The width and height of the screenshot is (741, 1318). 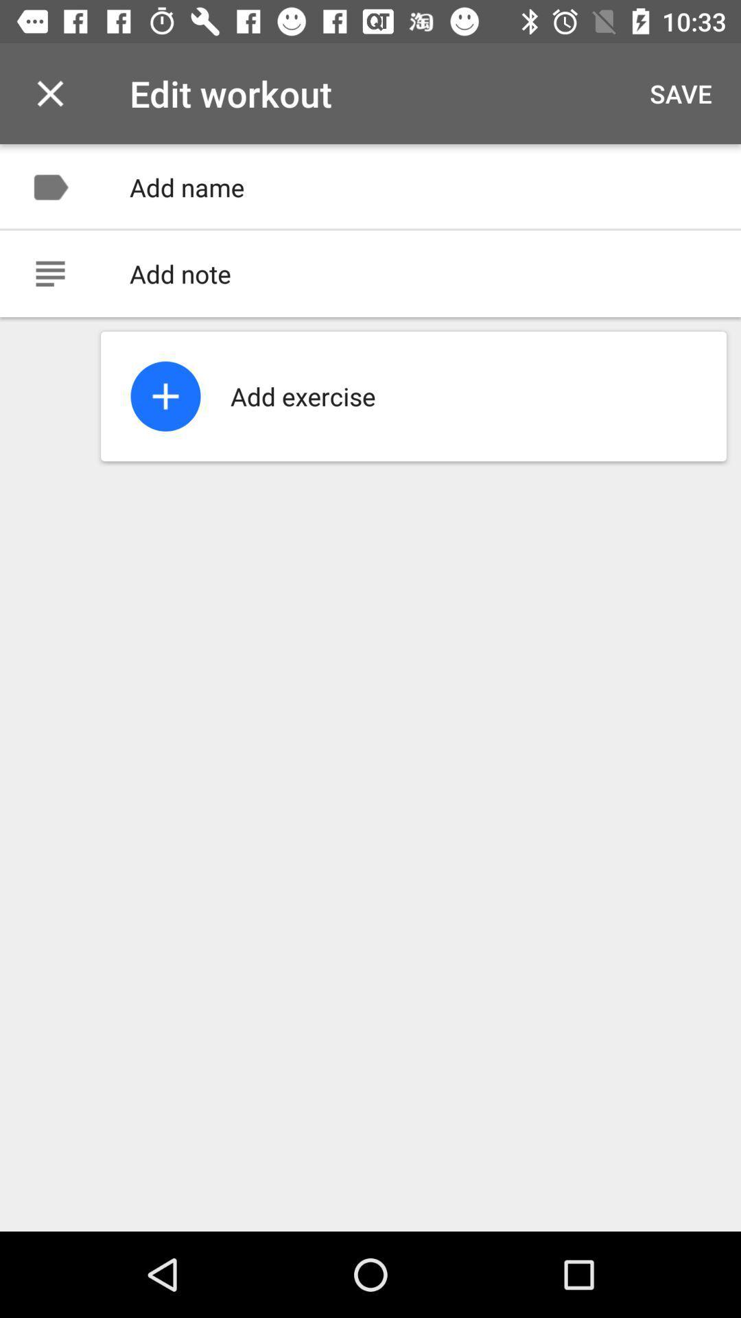 What do you see at coordinates (681, 93) in the screenshot?
I see `the icon next to the edit workout item` at bounding box center [681, 93].